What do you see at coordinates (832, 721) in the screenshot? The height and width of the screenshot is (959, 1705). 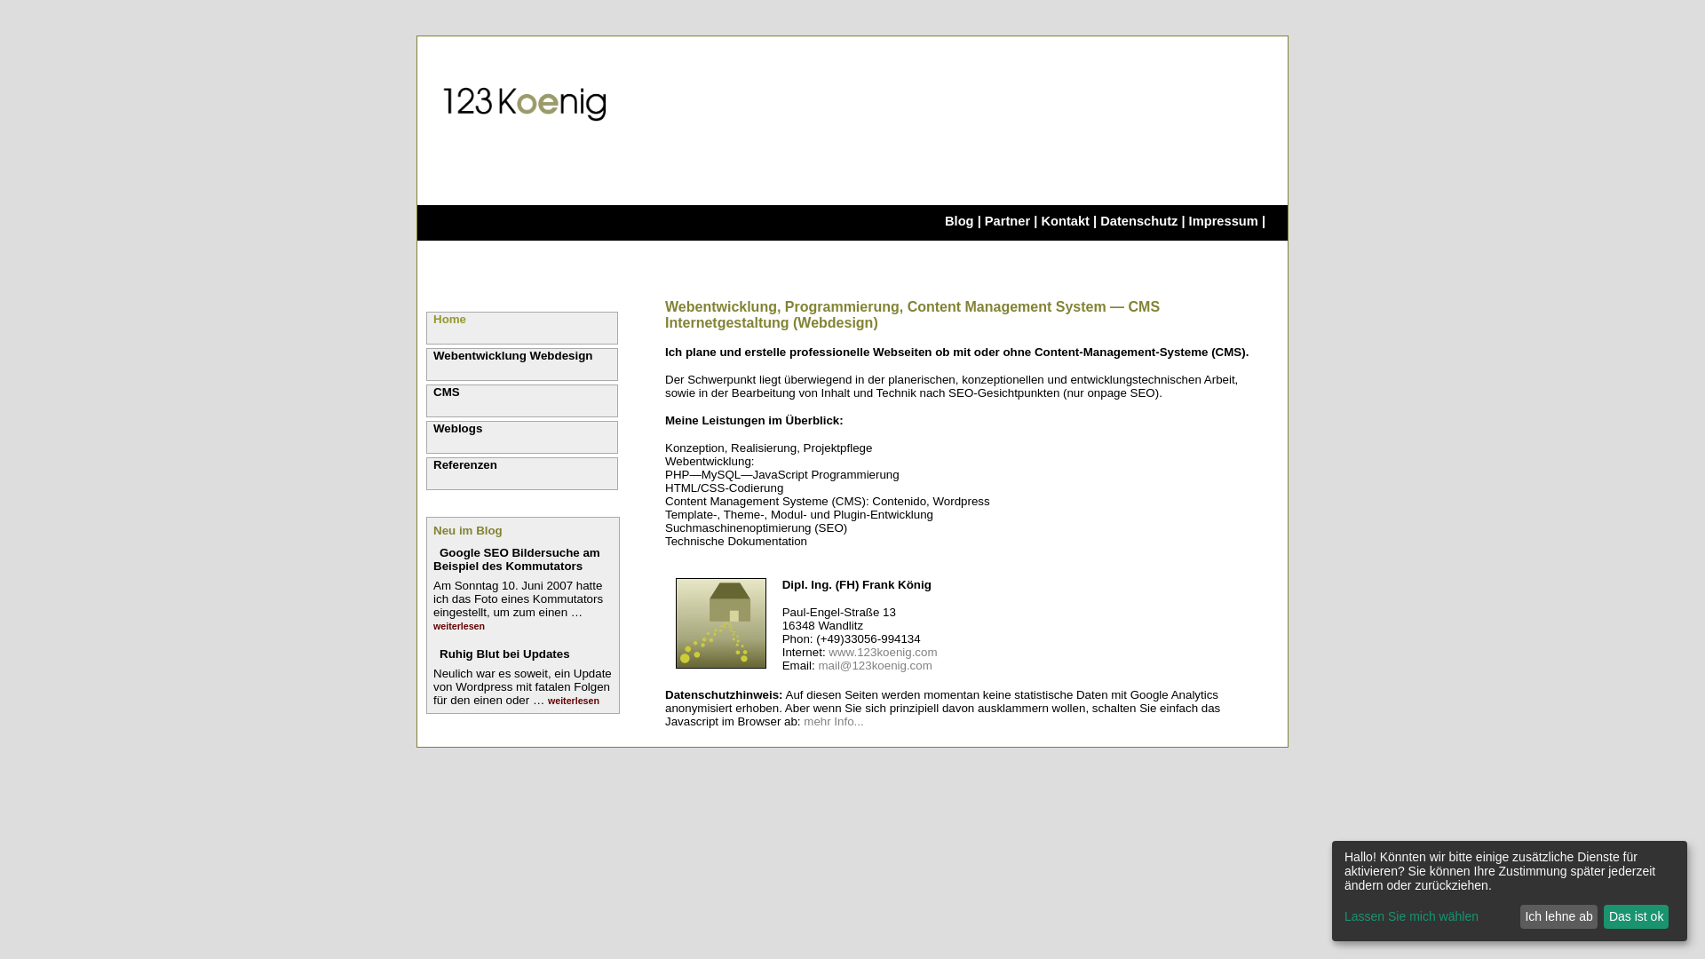 I see `'mehr Info...'` at bounding box center [832, 721].